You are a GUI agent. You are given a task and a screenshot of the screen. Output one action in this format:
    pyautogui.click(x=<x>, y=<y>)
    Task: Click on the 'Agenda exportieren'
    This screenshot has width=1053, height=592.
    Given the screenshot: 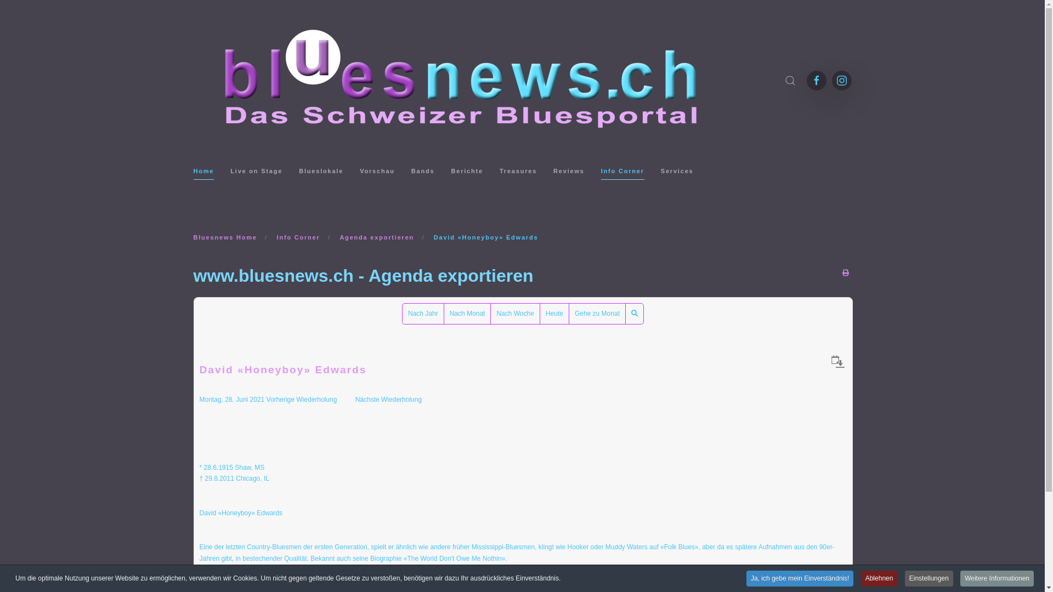 What is the action you would take?
    pyautogui.click(x=376, y=236)
    